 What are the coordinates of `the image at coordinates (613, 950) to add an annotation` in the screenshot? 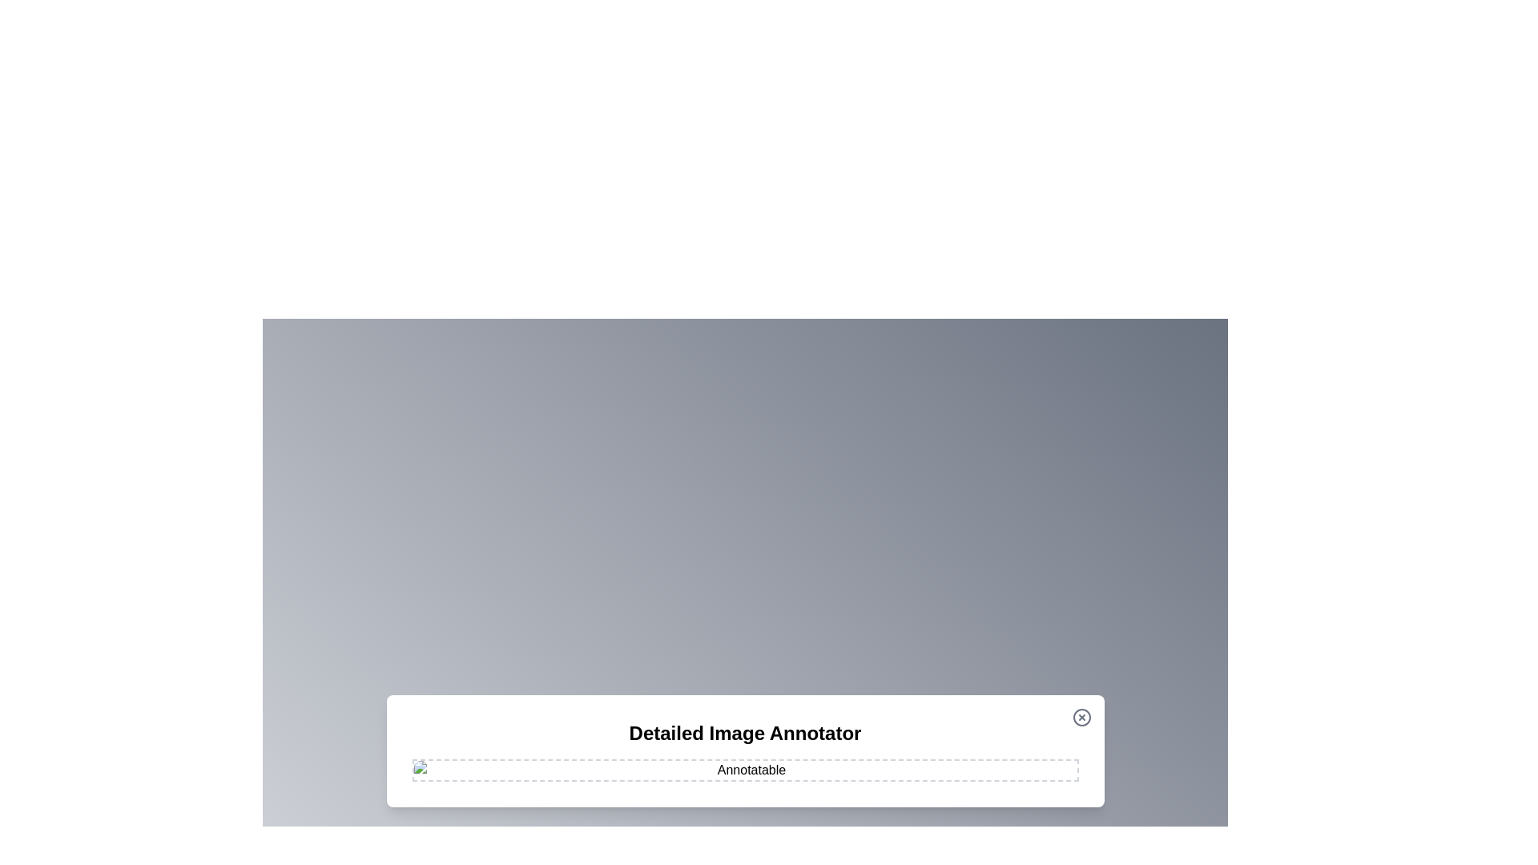 It's located at (490, 759).